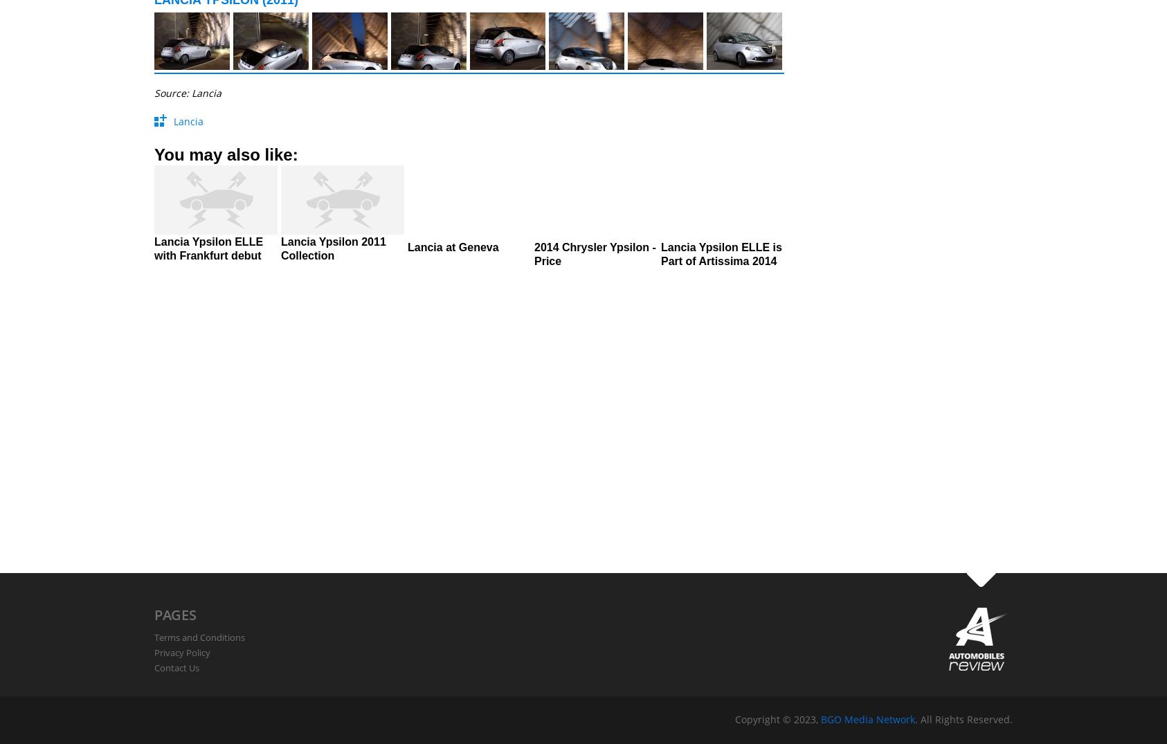  Describe the element at coordinates (735, 719) in the screenshot. I see `'Copyright © 2023,'` at that location.